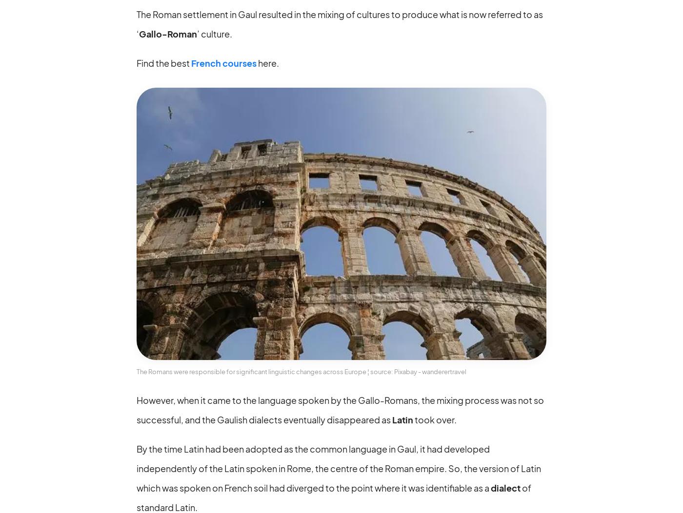 This screenshot has width=683, height=513. Describe the element at coordinates (340, 409) in the screenshot. I see `'However, when it came to the language spoken by the Gallo-Romans, the mixing process was not so successful, and the Gaulish dialects eventually disappeared as'` at that location.